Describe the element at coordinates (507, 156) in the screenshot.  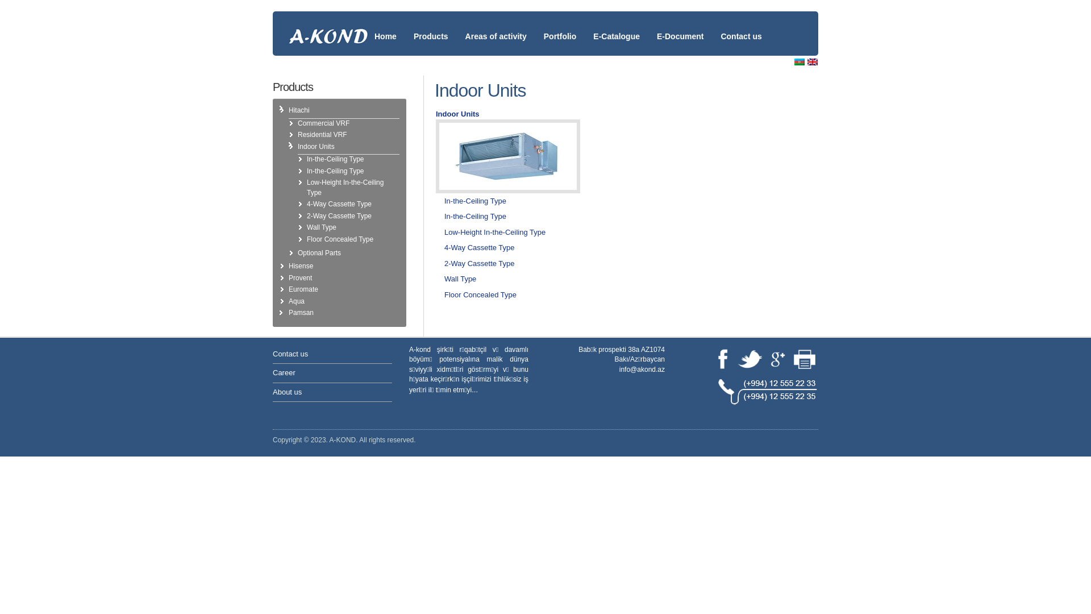
I see `'Indoor Units'` at that location.